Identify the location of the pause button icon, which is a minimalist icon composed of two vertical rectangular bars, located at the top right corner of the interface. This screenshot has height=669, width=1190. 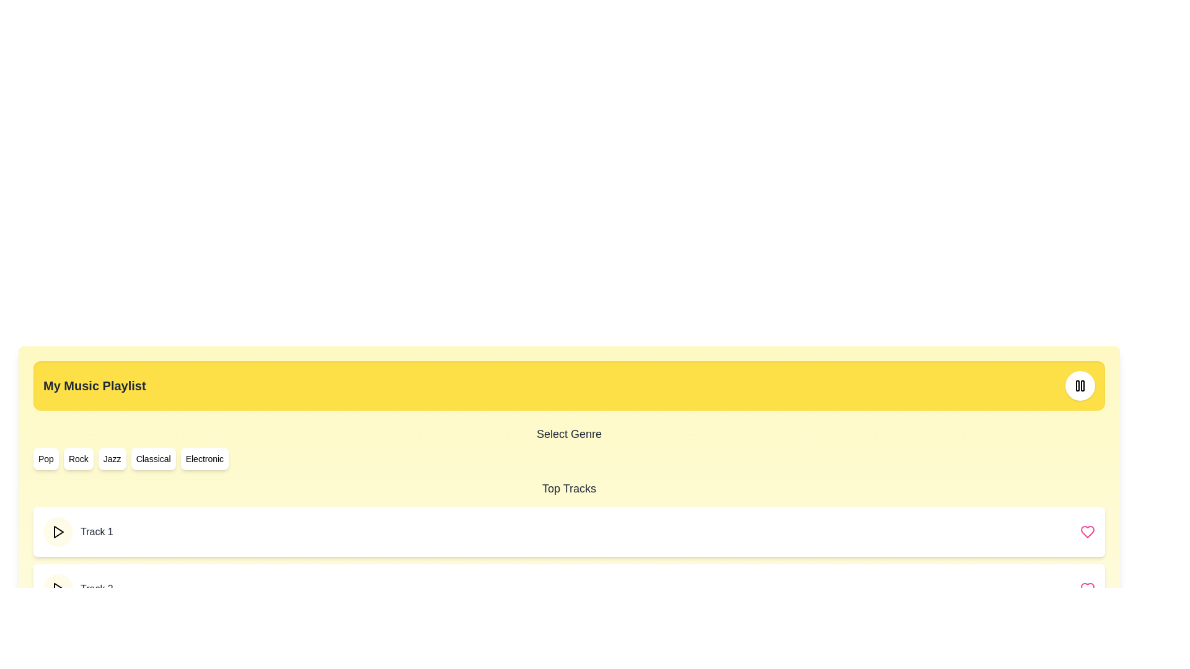
(1079, 385).